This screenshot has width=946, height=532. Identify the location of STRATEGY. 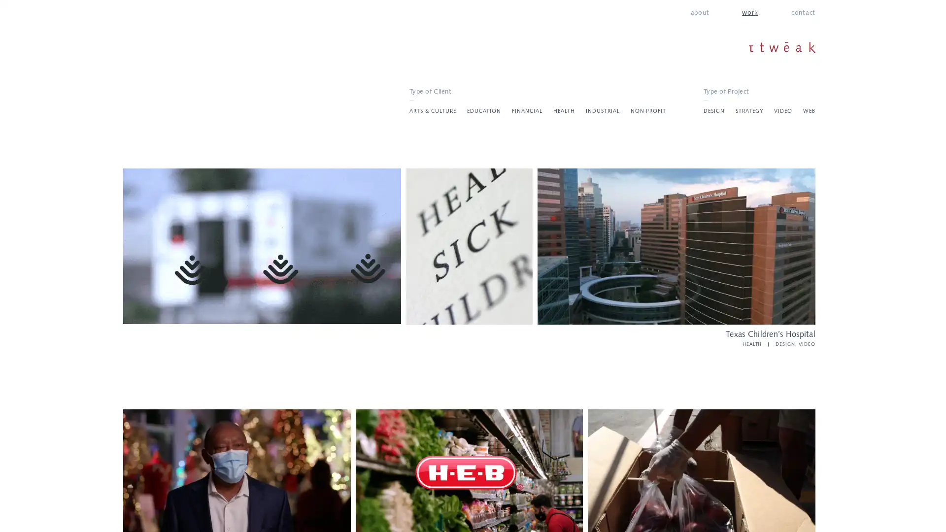
(749, 111).